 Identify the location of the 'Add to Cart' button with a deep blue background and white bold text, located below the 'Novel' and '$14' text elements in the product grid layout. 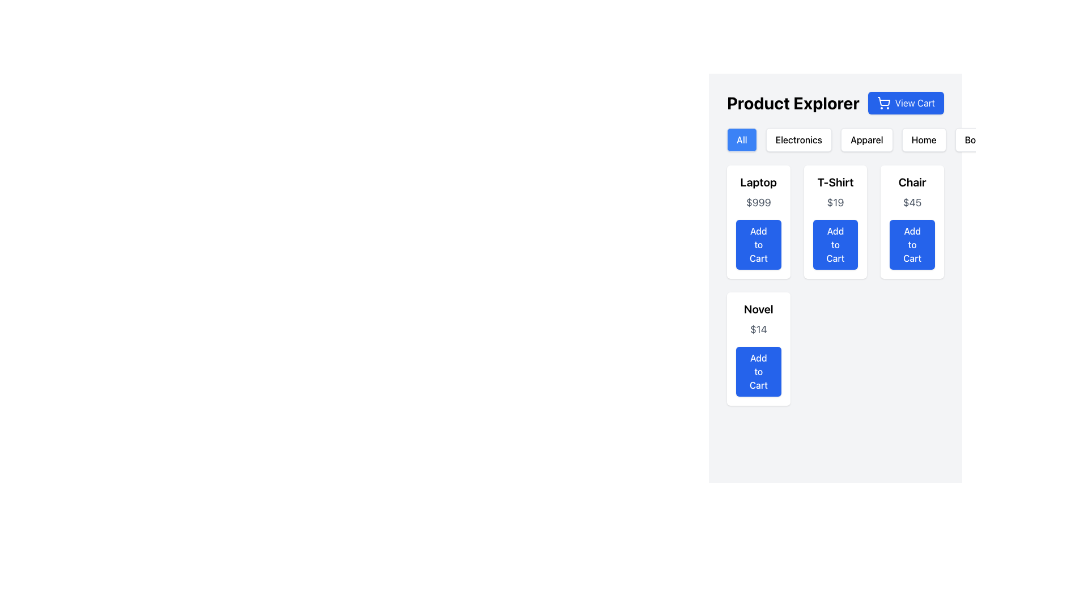
(758, 371).